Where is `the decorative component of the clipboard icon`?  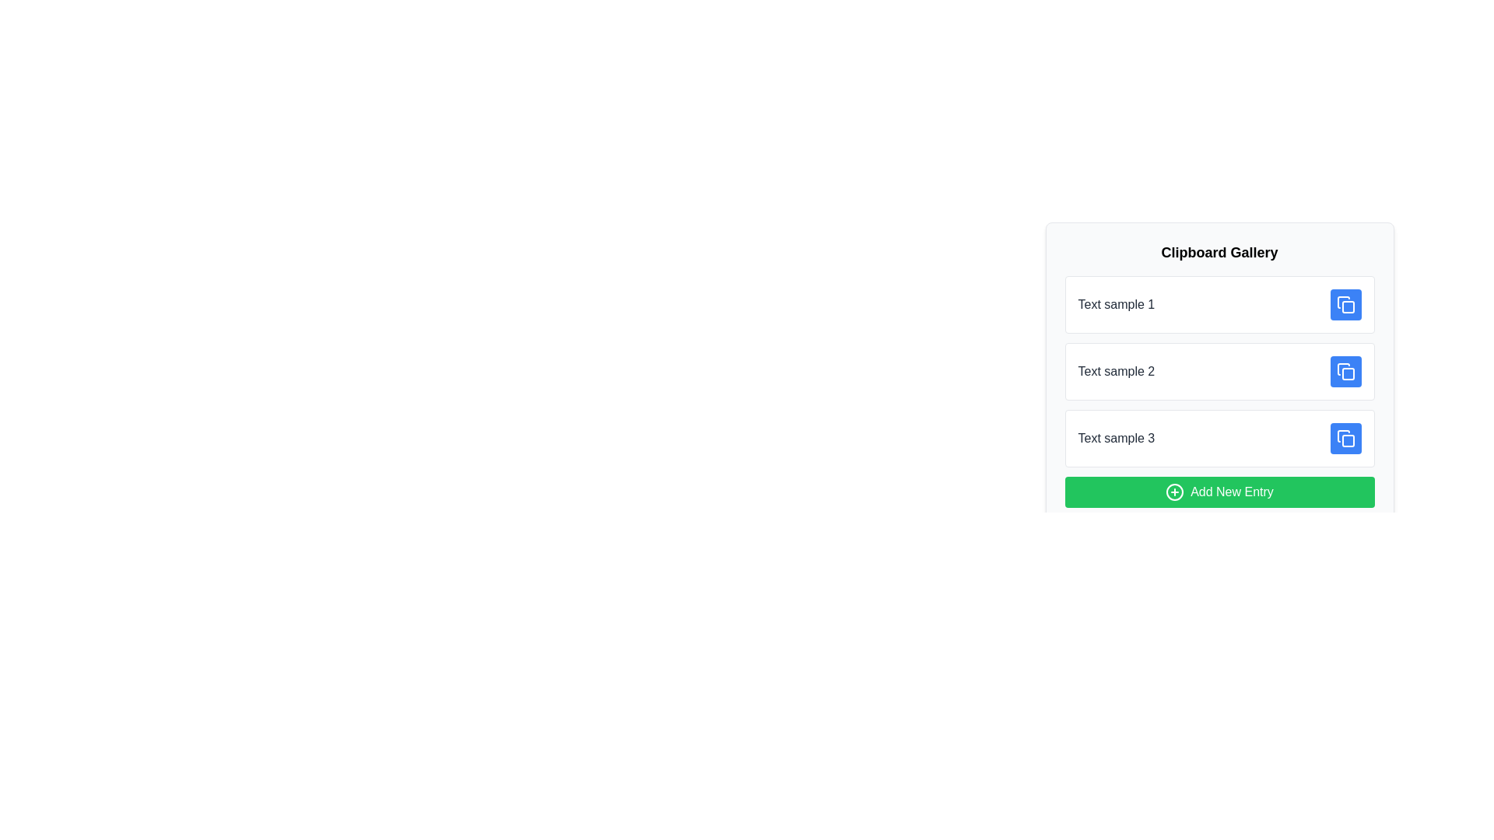
the decorative component of the clipboard icon is located at coordinates (1347, 374).